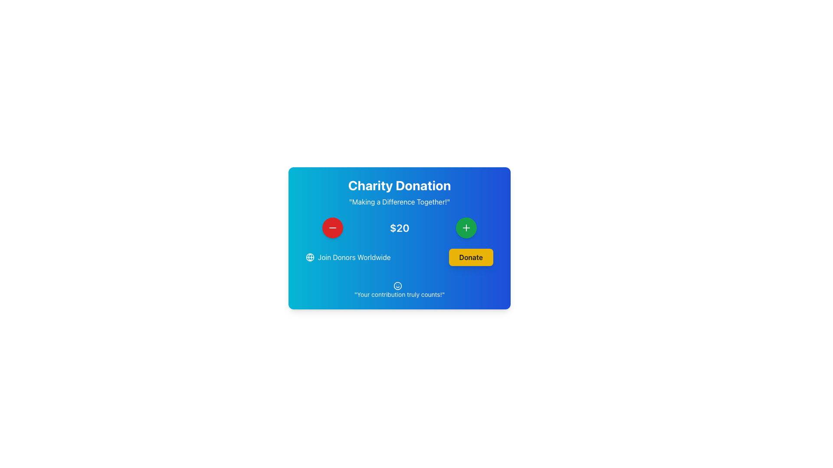 Image resolution: width=833 pixels, height=468 pixels. I want to click on the increment button located to the far right of the '$20' text to observe the hover effect, so click(466, 227).